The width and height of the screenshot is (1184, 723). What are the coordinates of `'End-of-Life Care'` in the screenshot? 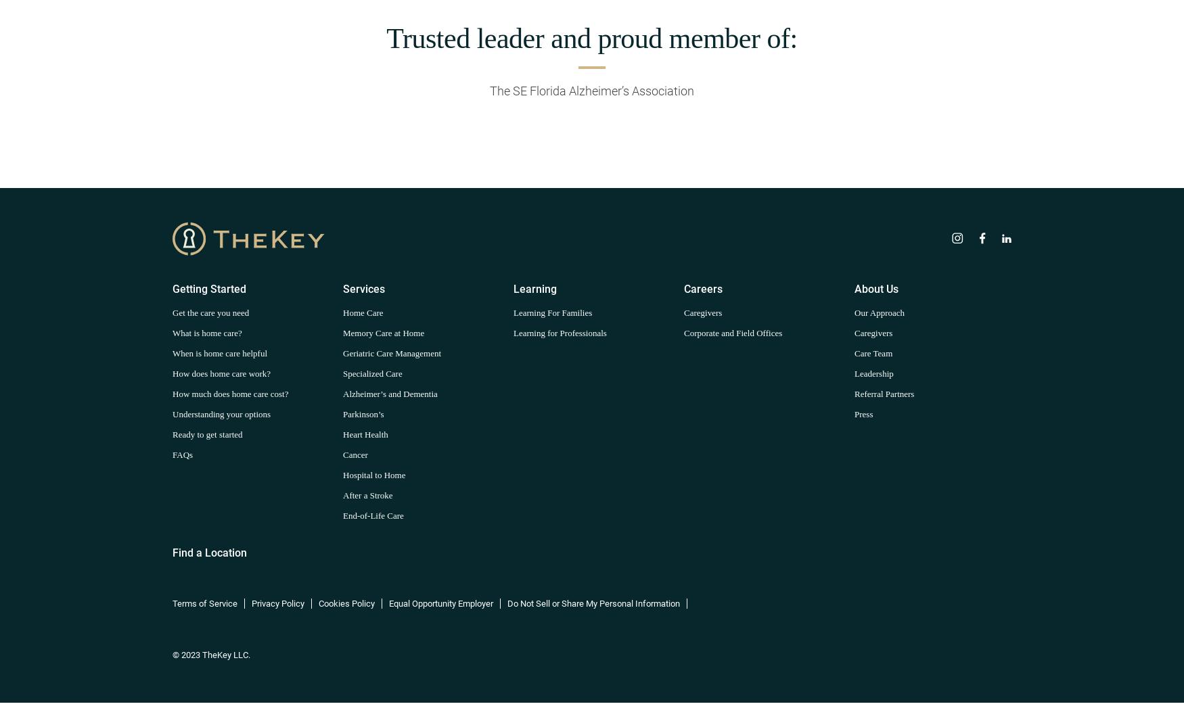 It's located at (372, 515).